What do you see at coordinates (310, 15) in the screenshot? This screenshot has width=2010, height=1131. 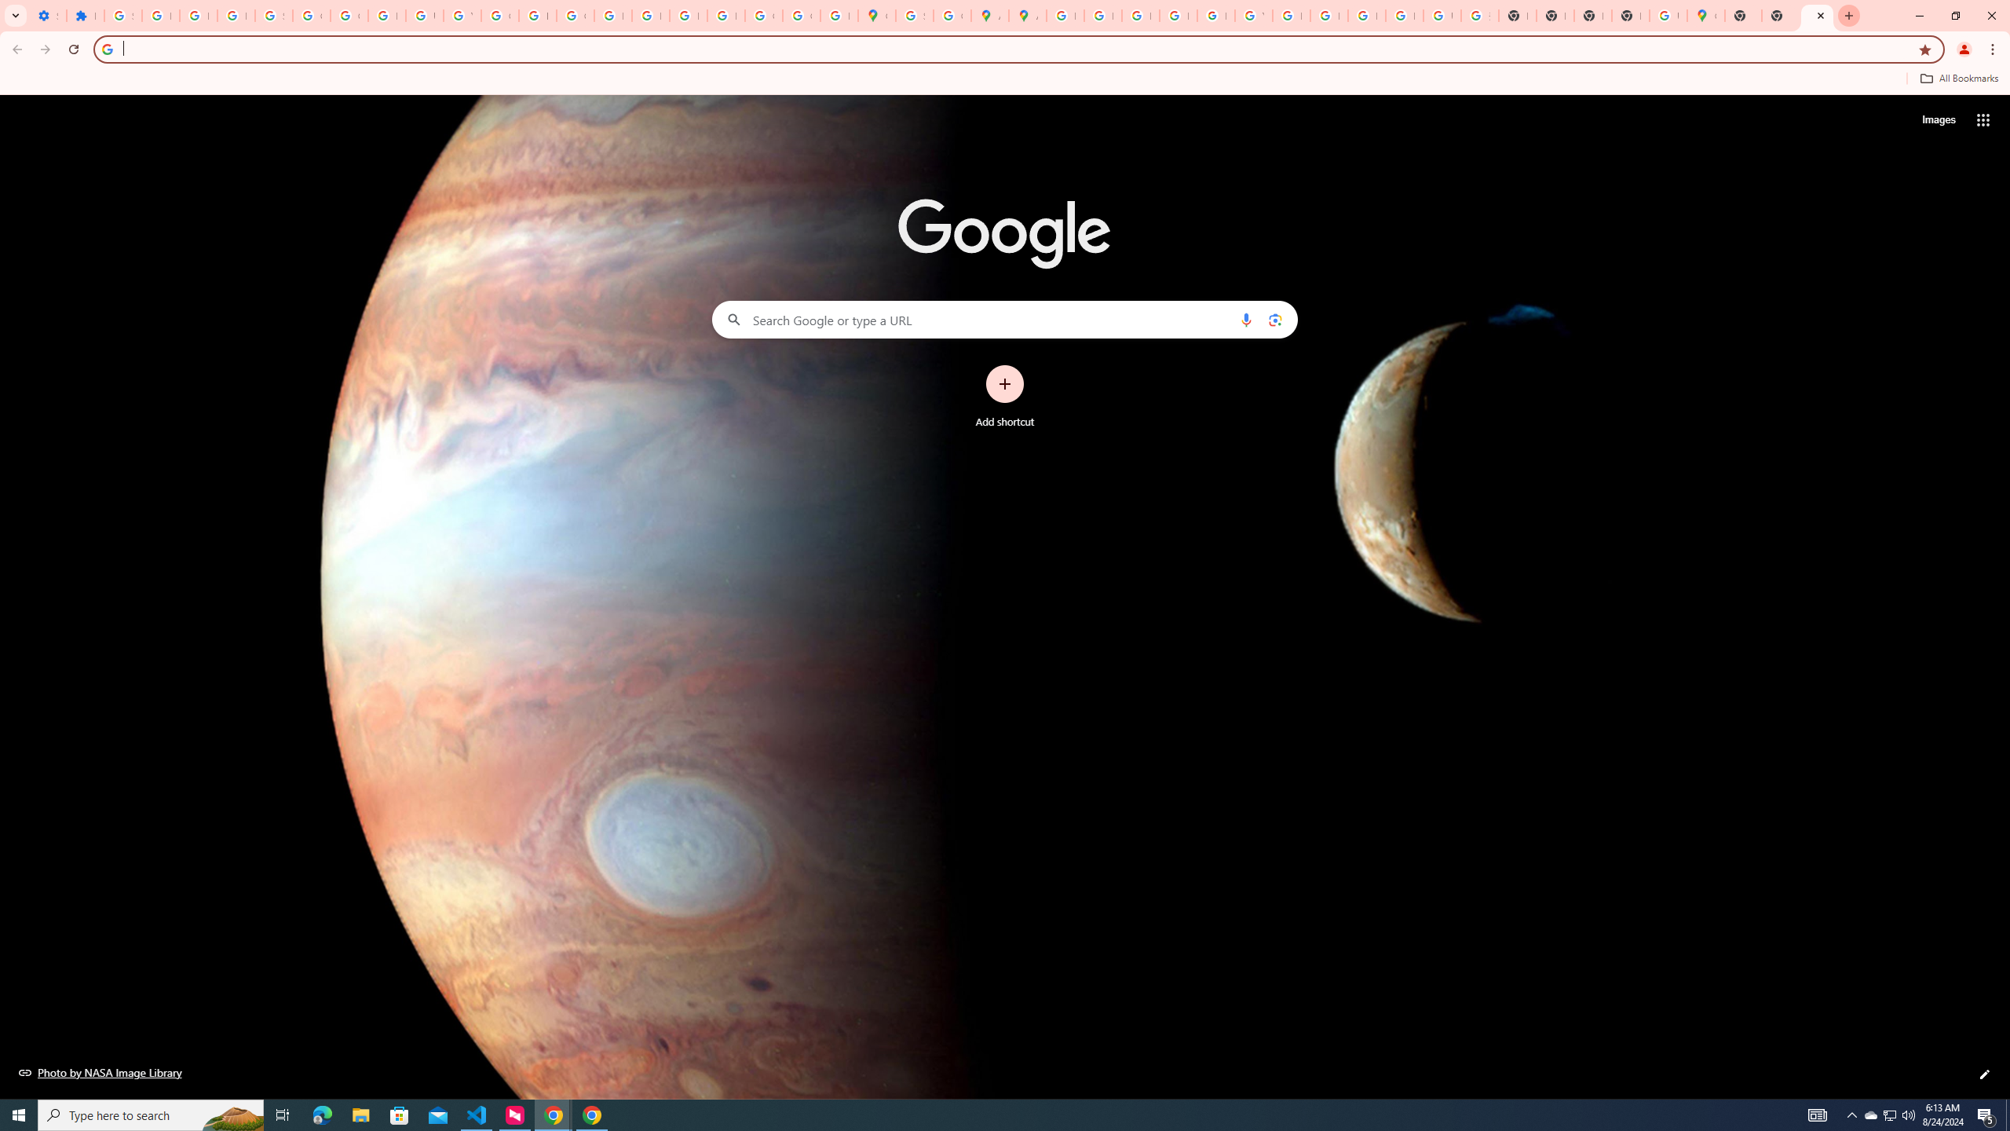 I see `'Google Account Help'` at bounding box center [310, 15].